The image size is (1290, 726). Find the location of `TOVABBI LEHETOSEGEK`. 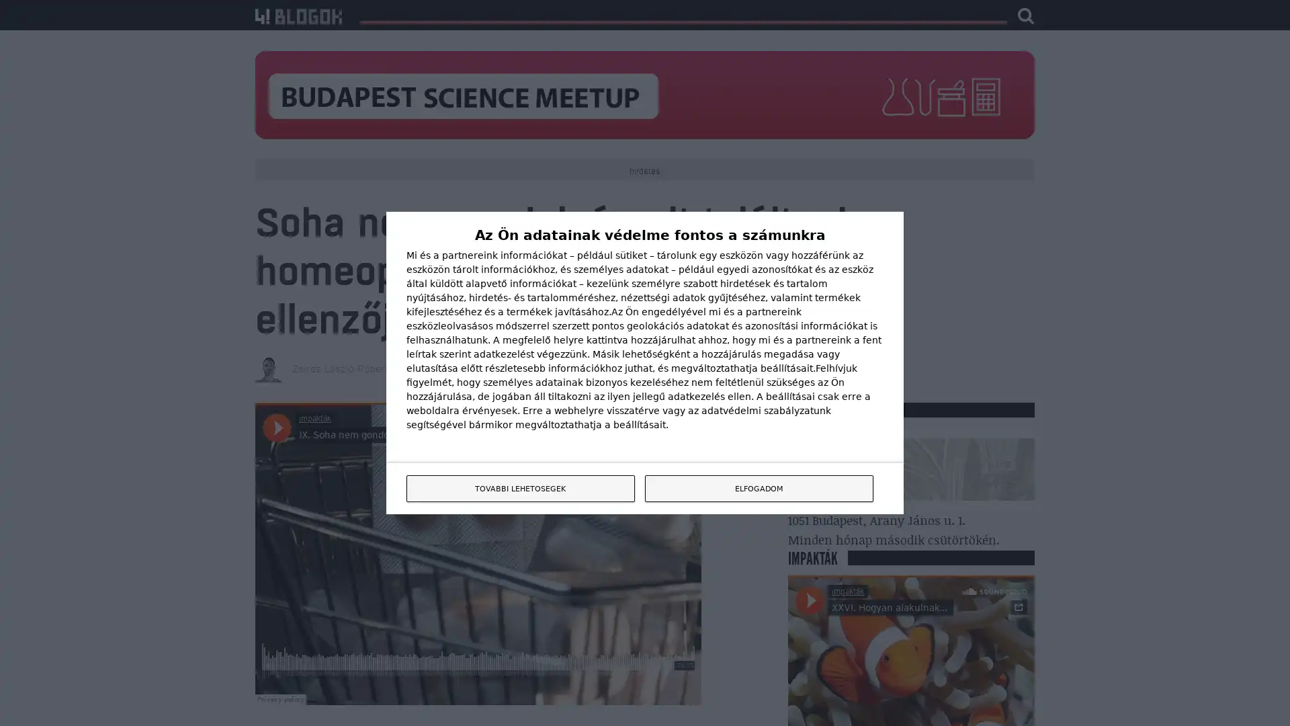

TOVABBI LEHETOSEGEK is located at coordinates (519, 488).